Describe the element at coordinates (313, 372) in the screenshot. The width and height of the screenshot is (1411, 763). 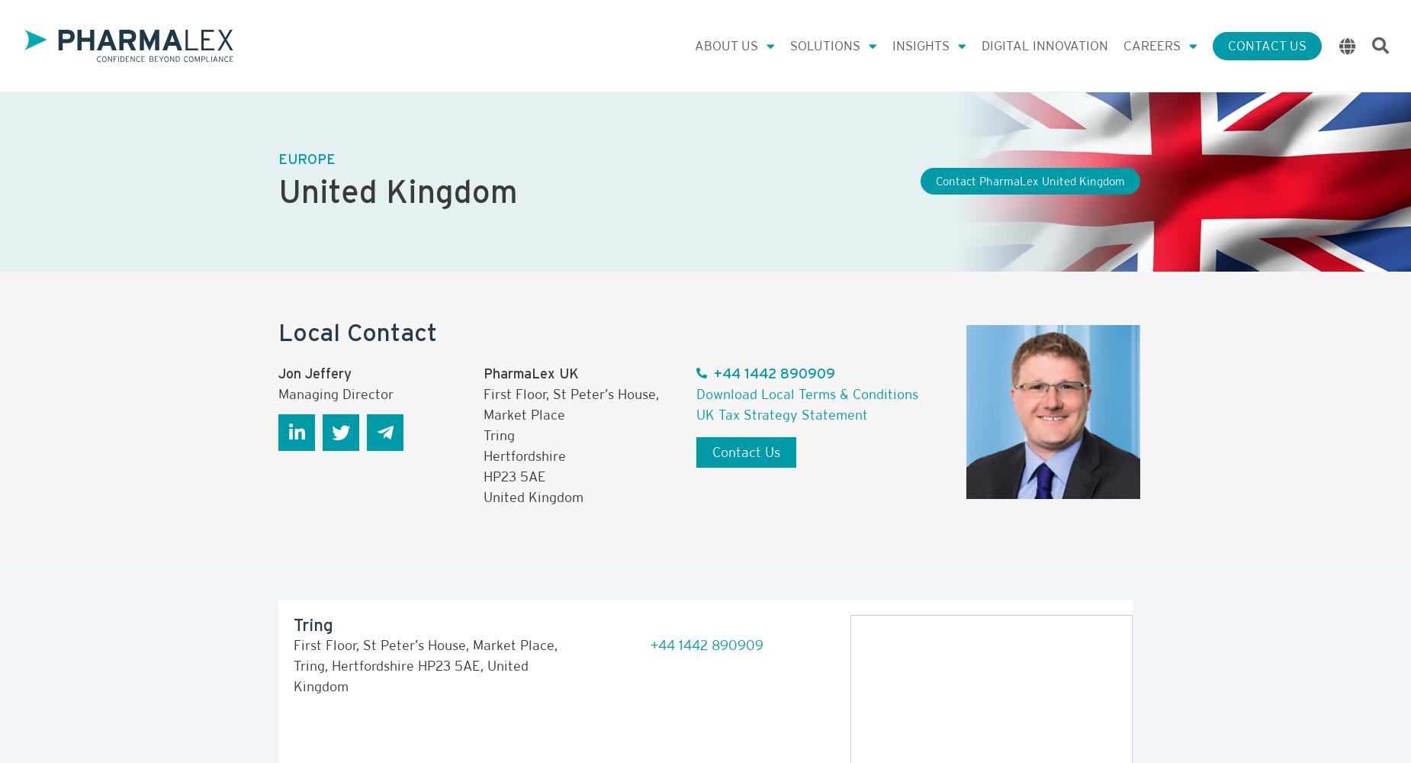
I see `'Jon Jeffery'` at that location.